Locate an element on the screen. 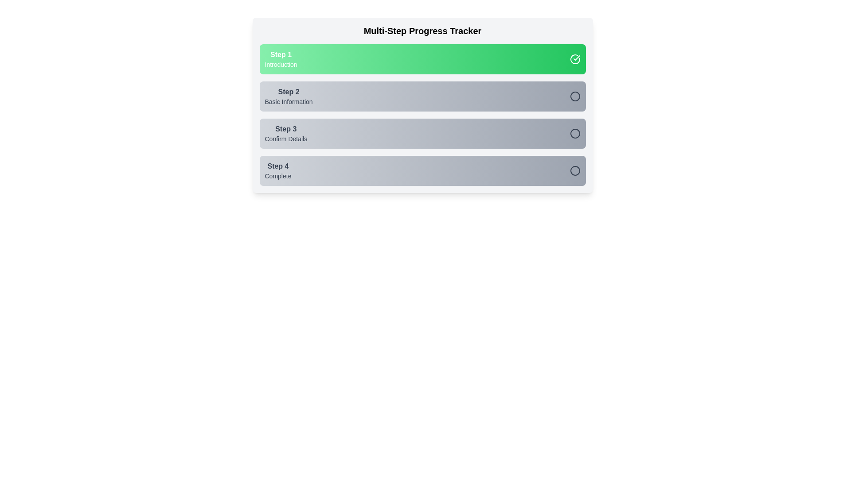  the third step in the multi-step progress tracker, which denotes the 'Confirm Details' stage and includes an interactive checkable circle is located at coordinates (422, 133).